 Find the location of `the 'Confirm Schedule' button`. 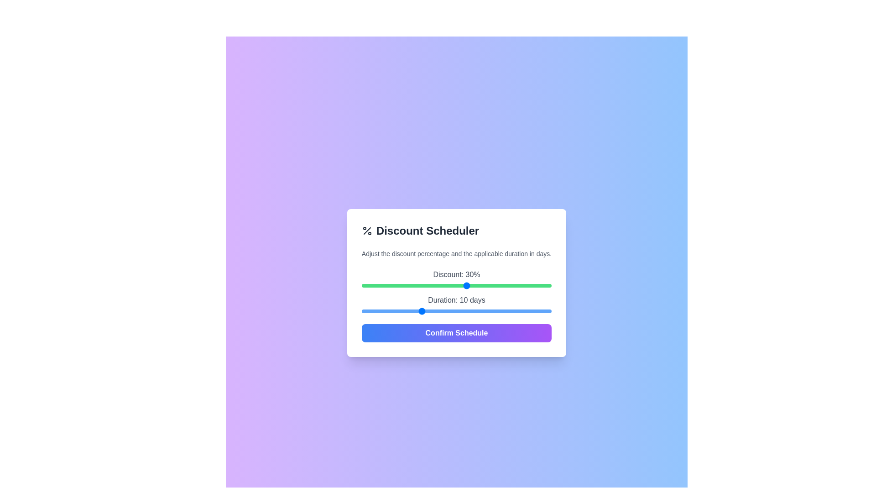

the 'Confirm Schedule' button is located at coordinates (457, 333).